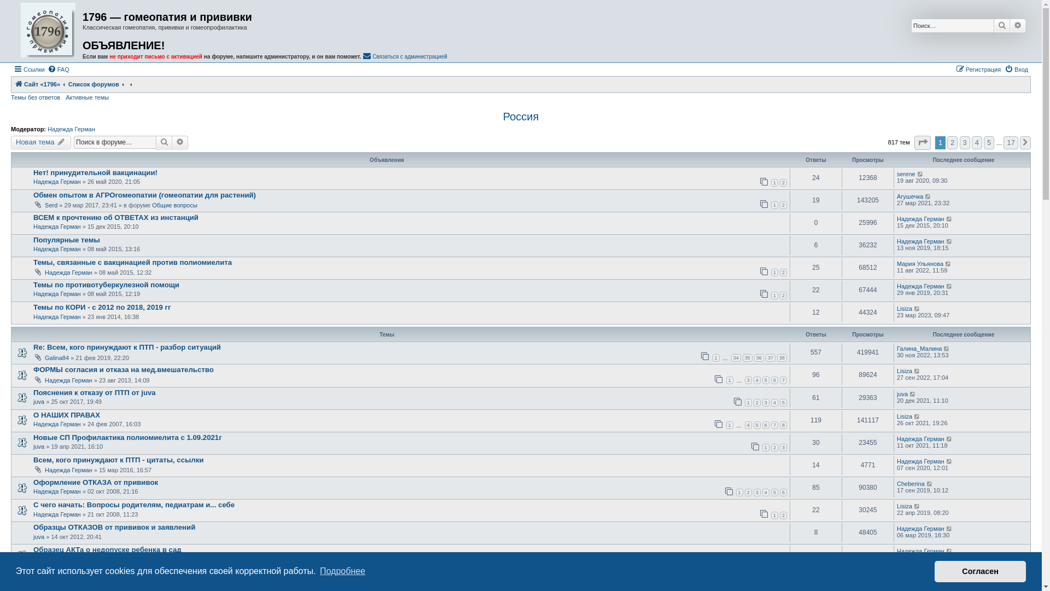  I want to click on '3', so click(765, 403).